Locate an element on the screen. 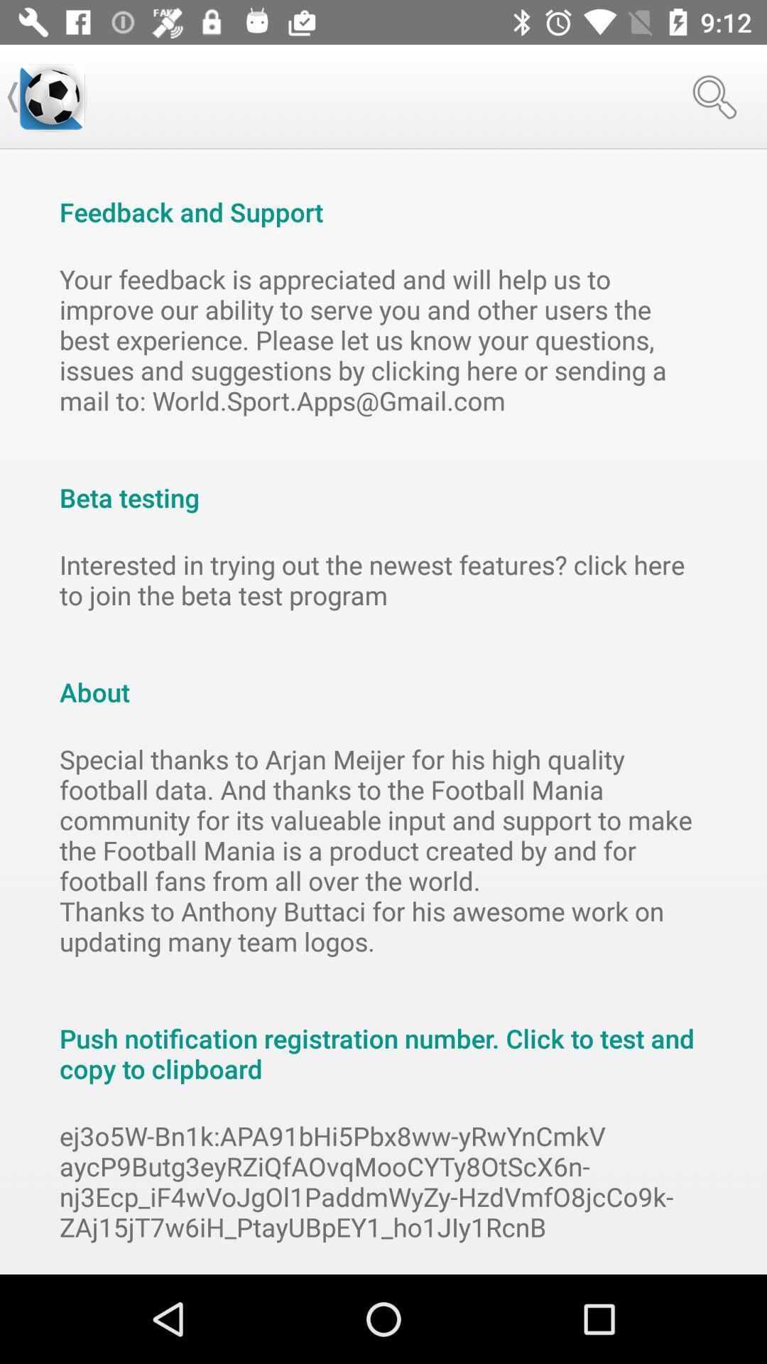 This screenshot has width=767, height=1364. special thanks to icon is located at coordinates (383, 850).